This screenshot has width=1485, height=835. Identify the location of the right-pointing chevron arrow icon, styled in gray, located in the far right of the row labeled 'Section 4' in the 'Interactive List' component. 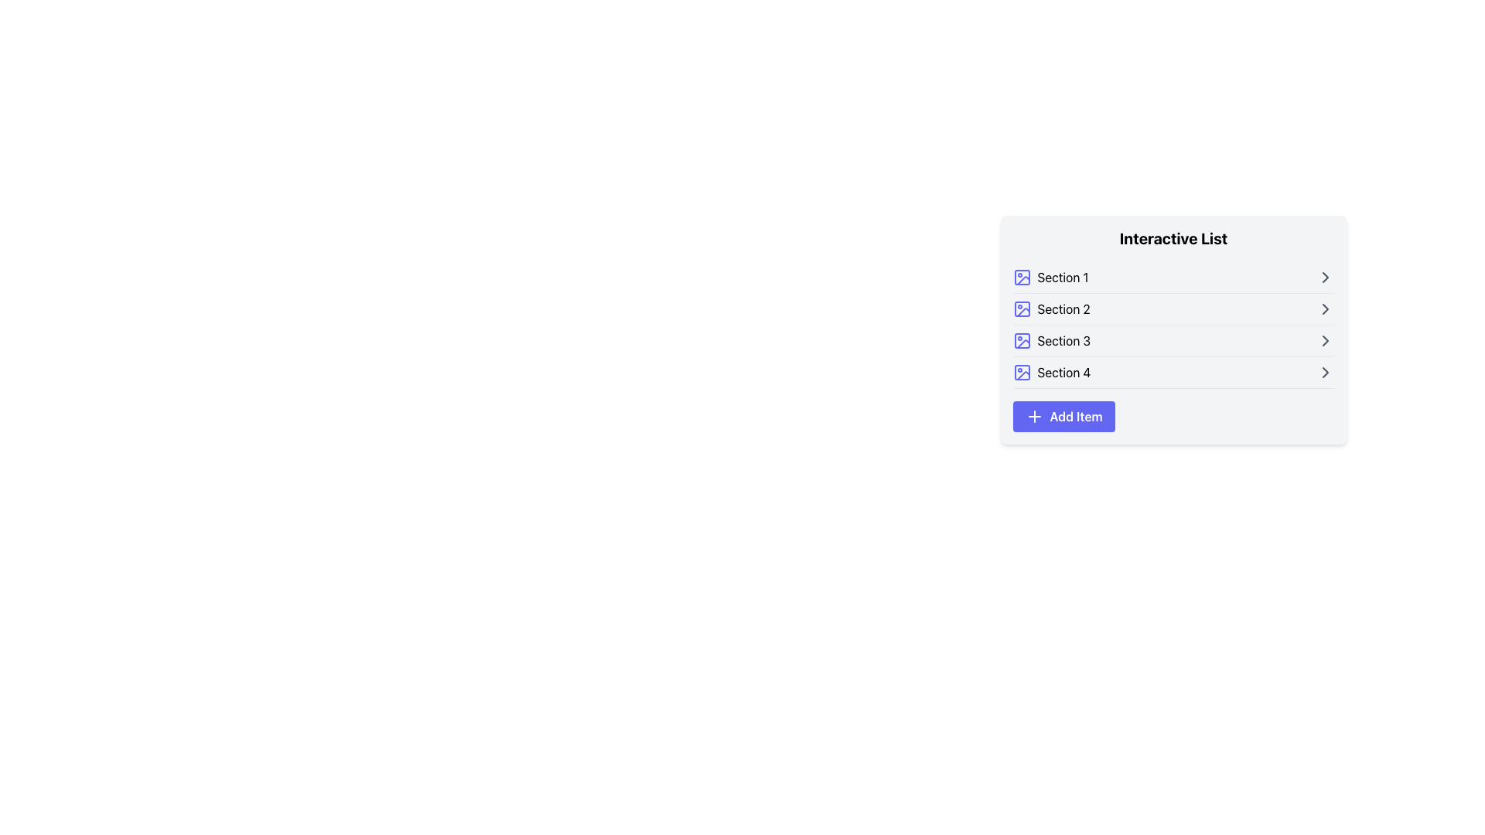
(1324, 373).